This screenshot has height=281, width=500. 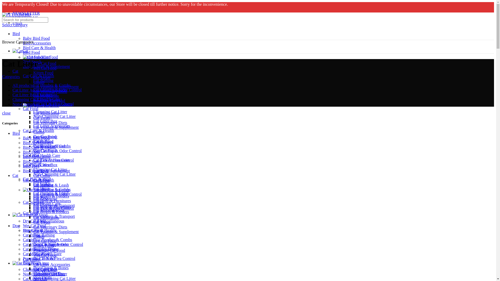 I want to click on 'Bird', so click(x=12, y=133).